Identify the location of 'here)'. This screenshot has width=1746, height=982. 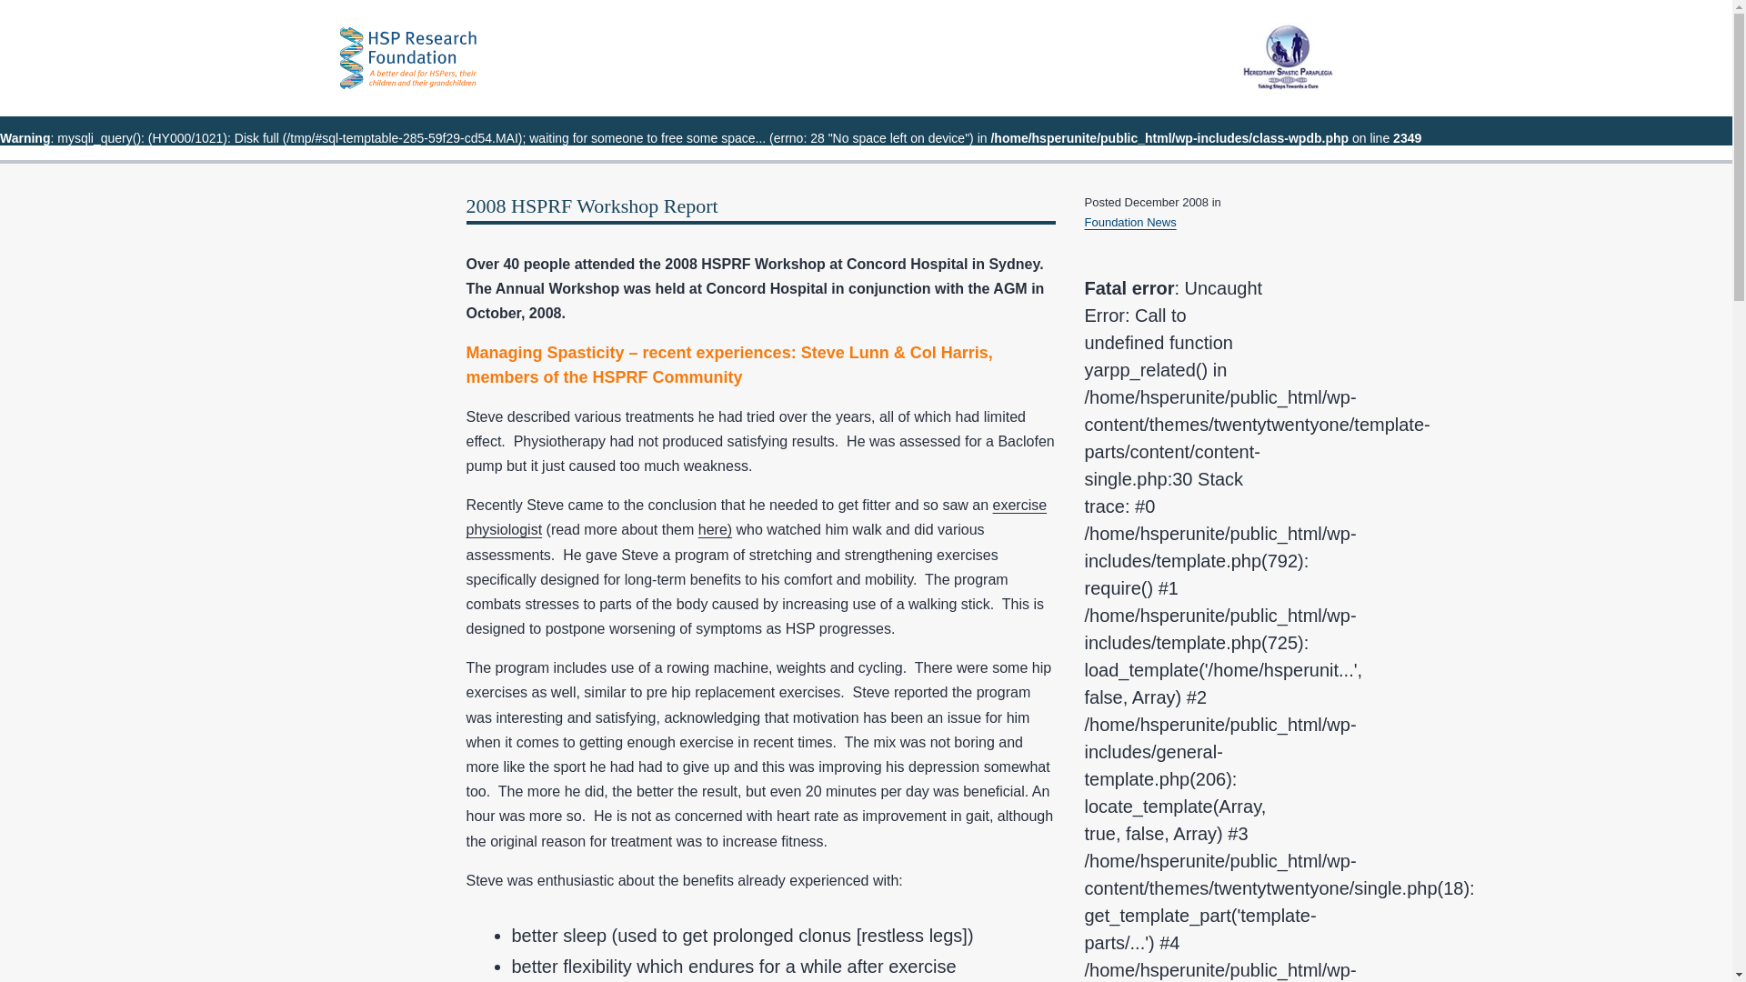
(714, 529).